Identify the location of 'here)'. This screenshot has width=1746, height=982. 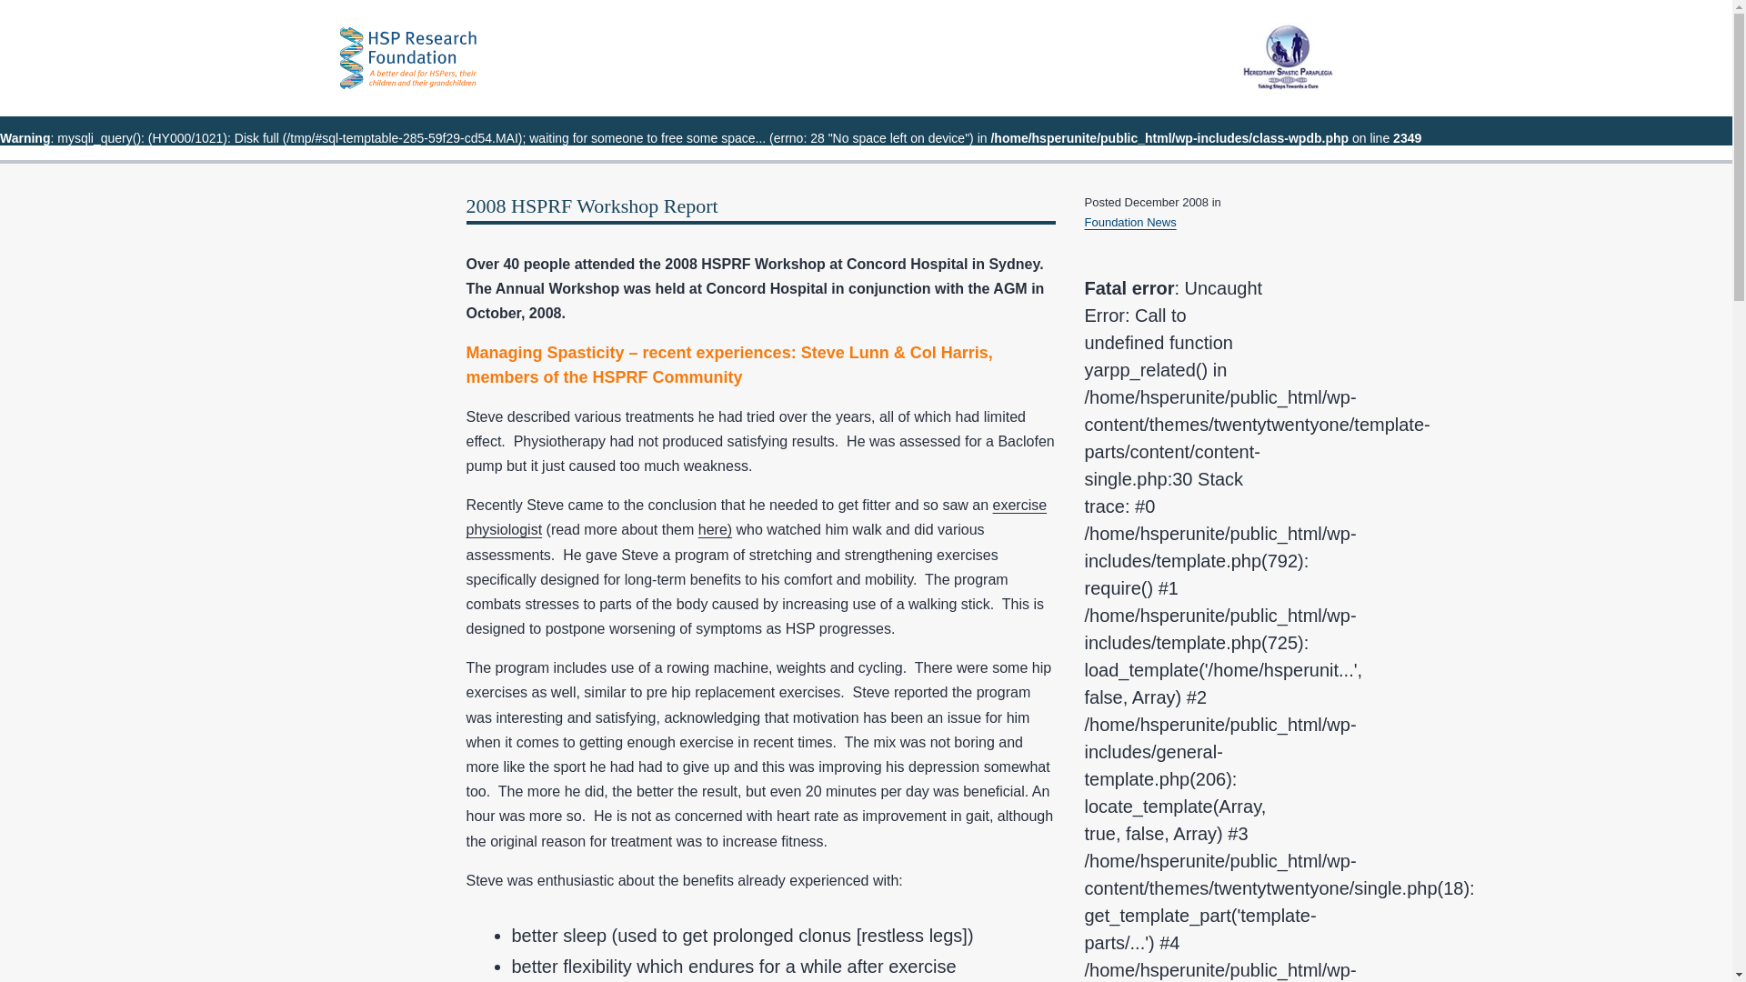
(714, 529).